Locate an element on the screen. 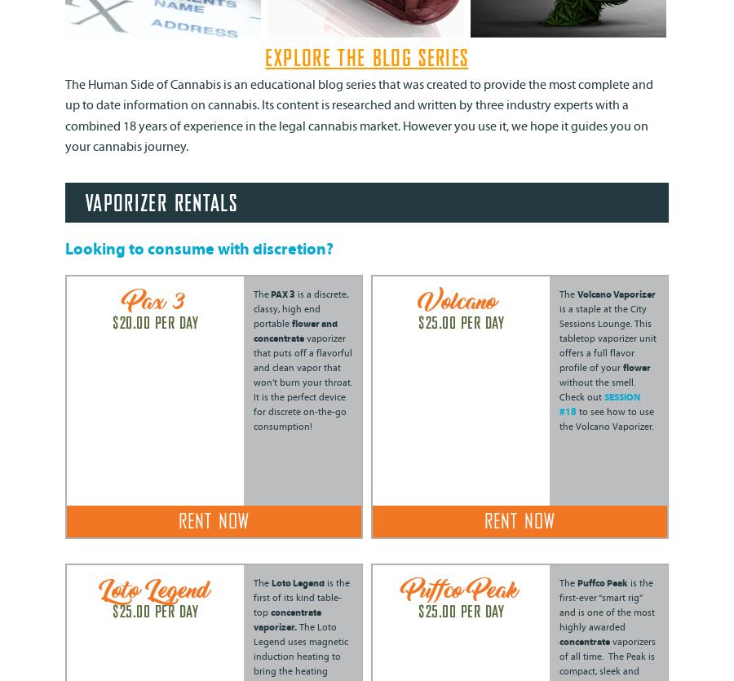  'EXPLORE THE BLOG SERIES' is located at coordinates (366, 59).